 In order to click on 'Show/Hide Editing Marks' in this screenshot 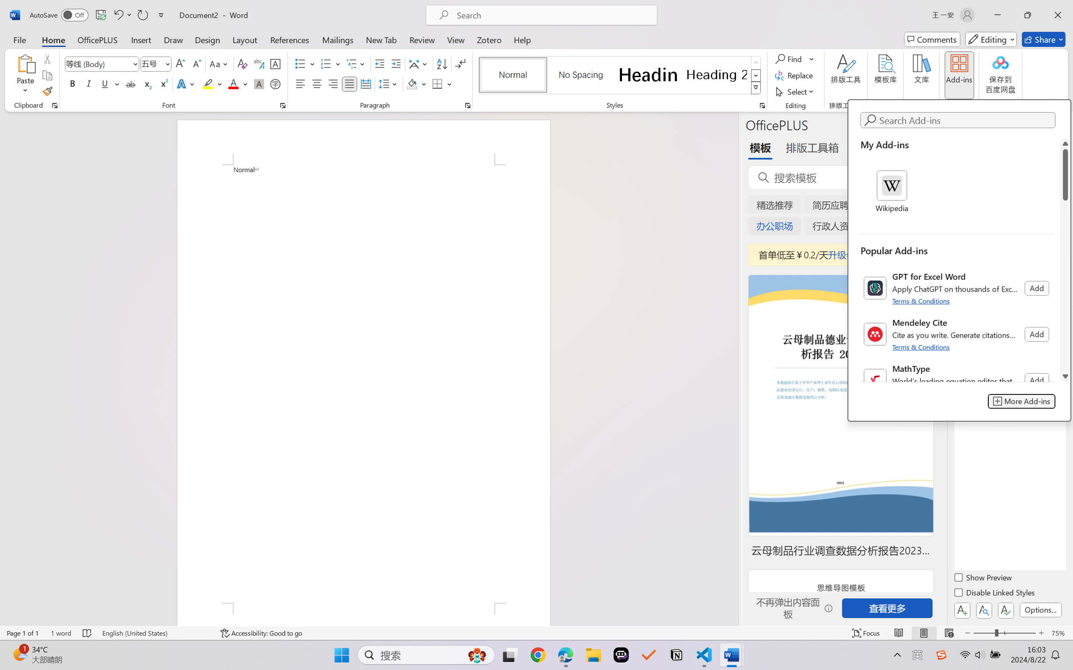, I will do `click(460, 64)`.